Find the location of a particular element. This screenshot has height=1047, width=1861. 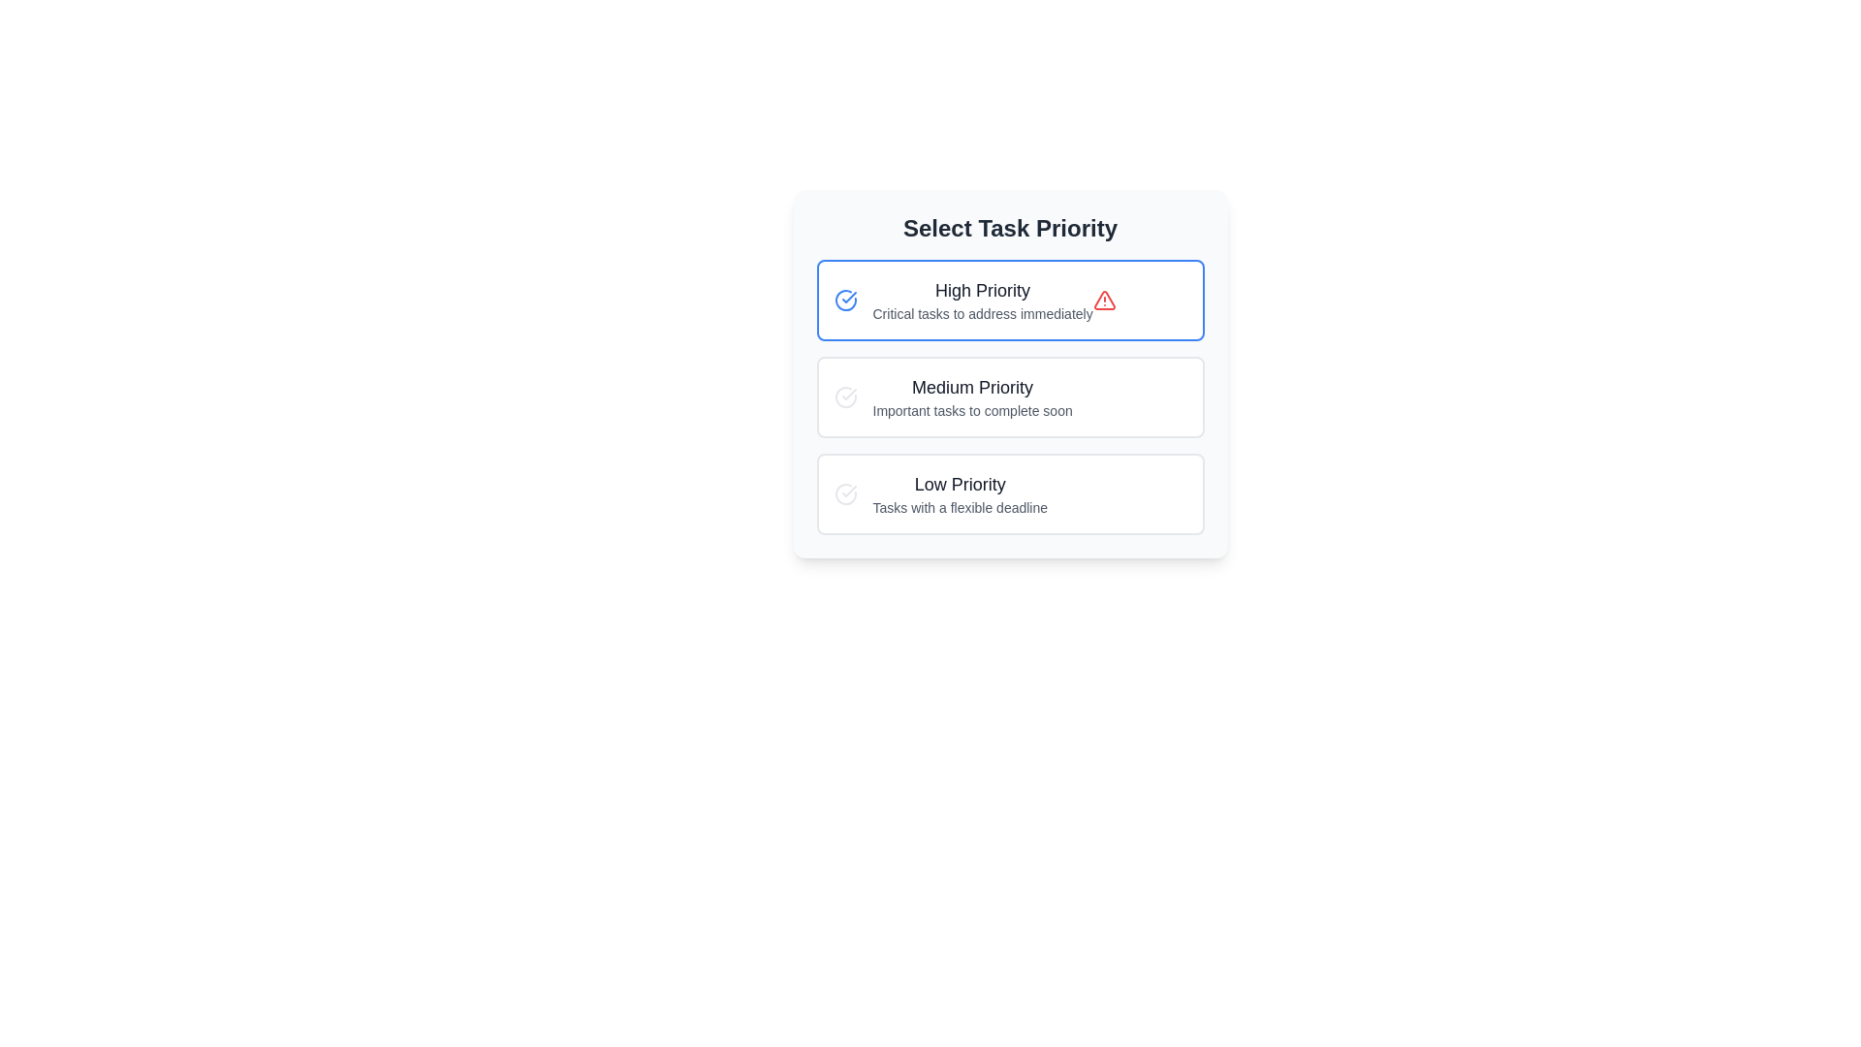

the text label that reads 'Medium Priority', styled in large dark gray font, located in the middle of a vertical list of task priorities is located at coordinates (972, 388).